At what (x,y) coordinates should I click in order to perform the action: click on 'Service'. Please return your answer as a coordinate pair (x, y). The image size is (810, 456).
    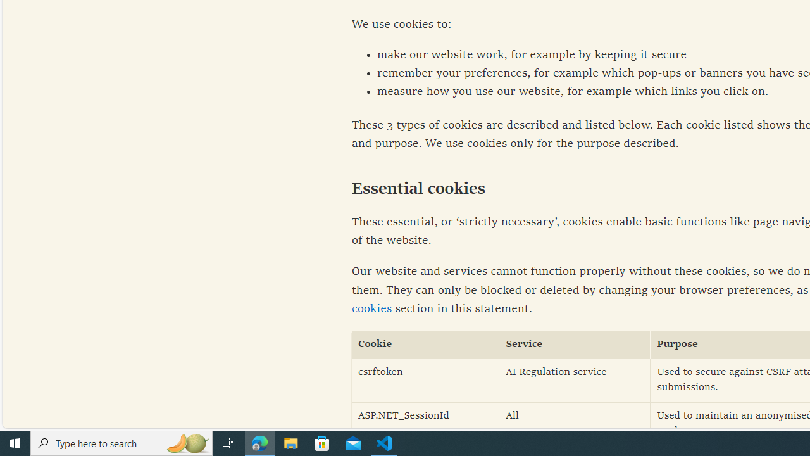
    Looking at the image, I should click on (574, 345).